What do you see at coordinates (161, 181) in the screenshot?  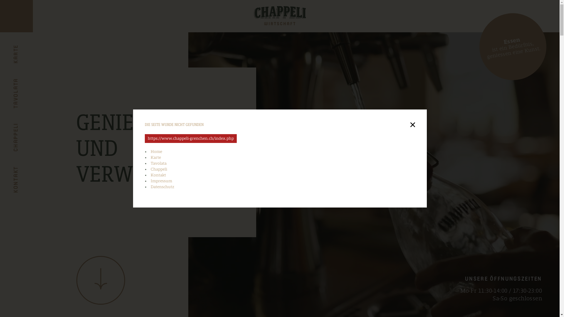 I see `'Impressum'` at bounding box center [161, 181].